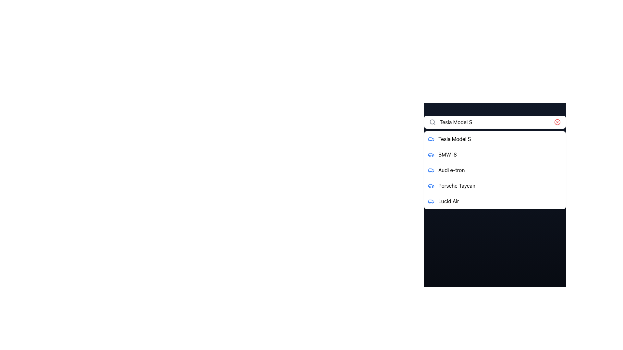 The height and width of the screenshot is (350, 623). What do you see at coordinates (495, 169) in the screenshot?
I see `the dropdown menu item for 'Audi e-tron'` at bounding box center [495, 169].